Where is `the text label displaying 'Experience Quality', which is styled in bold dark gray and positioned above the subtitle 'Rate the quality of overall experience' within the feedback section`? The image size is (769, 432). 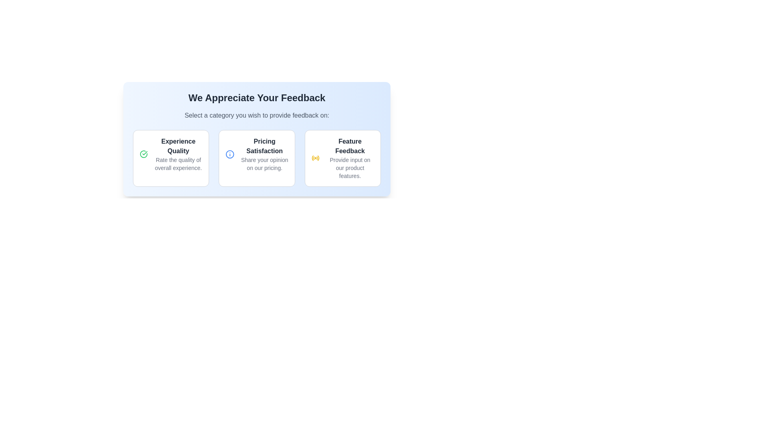
the text label displaying 'Experience Quality', which is styled in bold dark gray and positioned above the subtitle 'Rate the quality of overall experience' within the feedback section is located at coordinates (178, 146).